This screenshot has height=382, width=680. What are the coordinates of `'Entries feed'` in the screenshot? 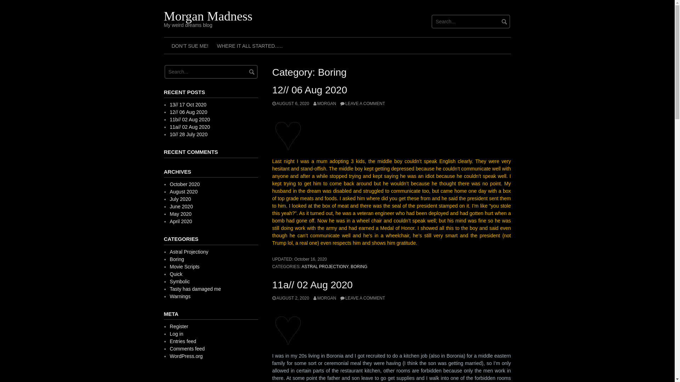 It's located at (183, 341).